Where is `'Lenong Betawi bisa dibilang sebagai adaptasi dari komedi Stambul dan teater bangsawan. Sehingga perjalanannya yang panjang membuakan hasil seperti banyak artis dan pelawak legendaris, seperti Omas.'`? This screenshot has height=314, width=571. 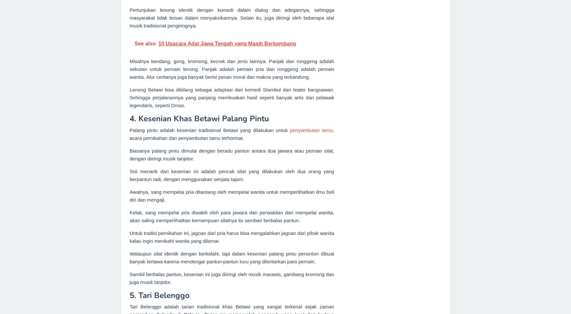
'Lenong Betawi bisa dibilang sebagai adaptasi dari komedi Stambul dan teater bangsawan. Sehingga perjalanannya yang panjang membuakan hasil seperti banyak artis dan pelawak legendaris, seperti Omas.' is located at coordinates (231, 97).